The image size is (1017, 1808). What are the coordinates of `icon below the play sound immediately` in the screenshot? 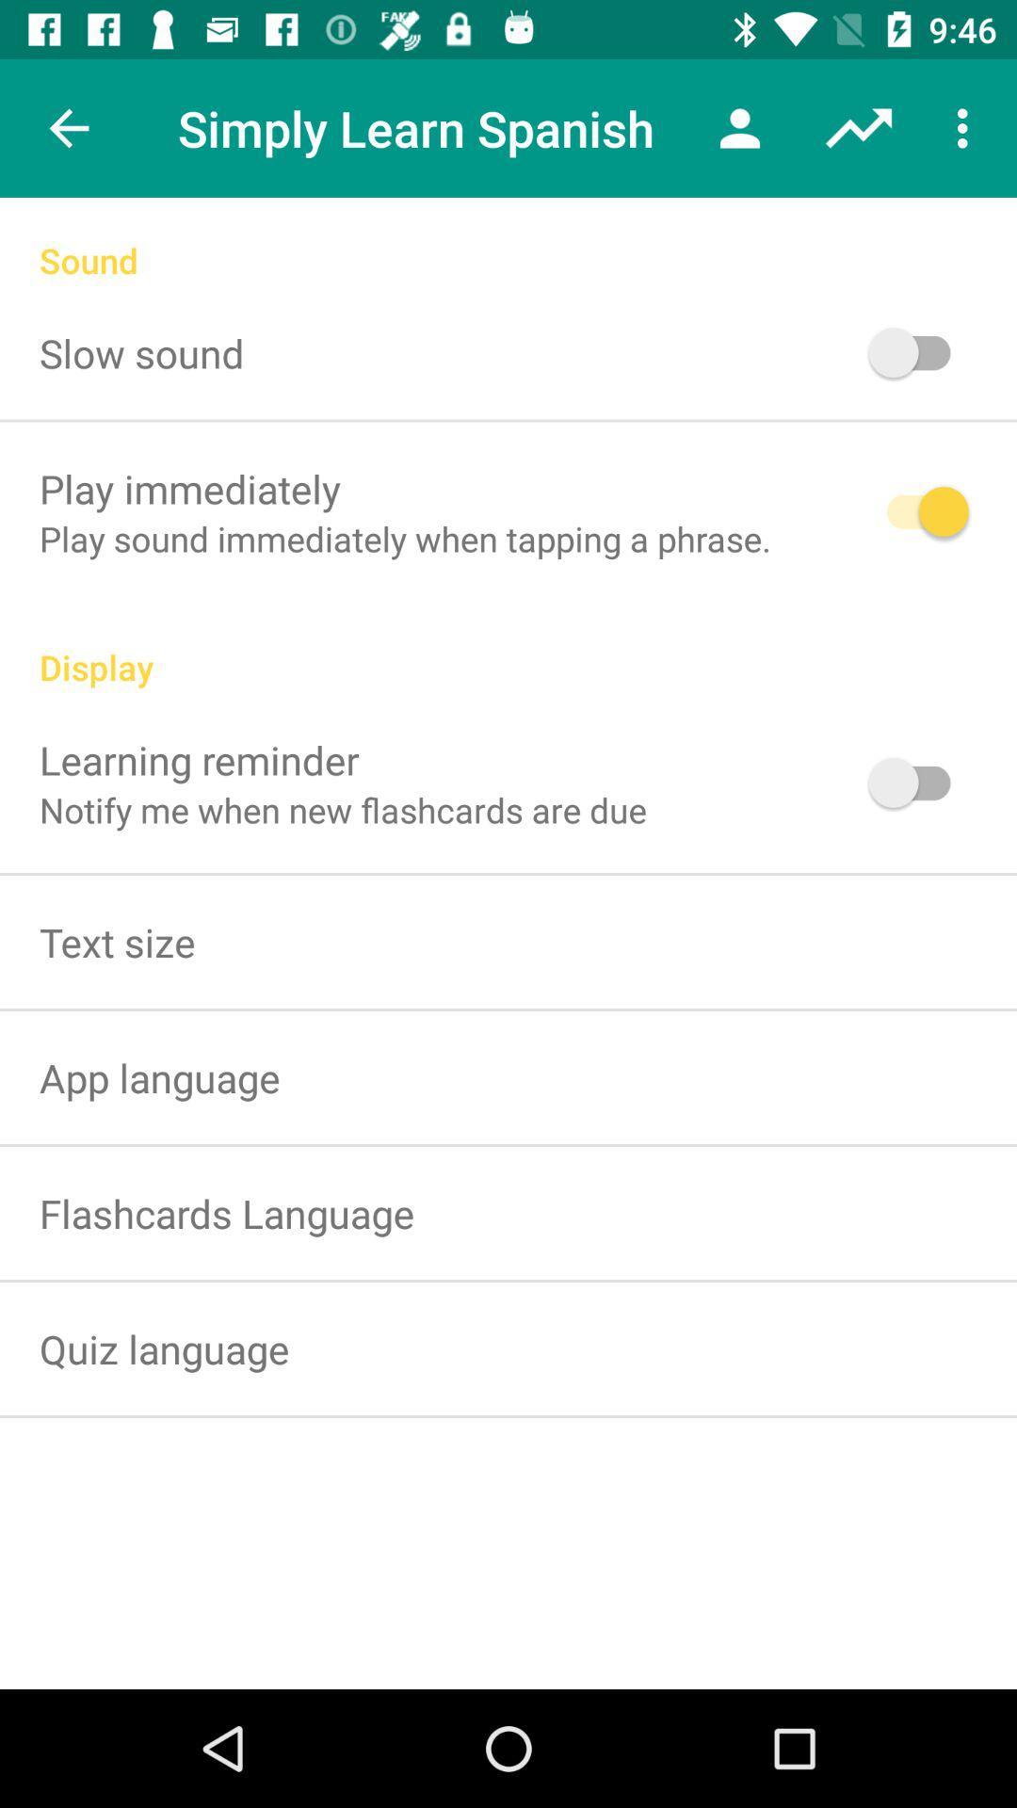 It's located at (508, 647).